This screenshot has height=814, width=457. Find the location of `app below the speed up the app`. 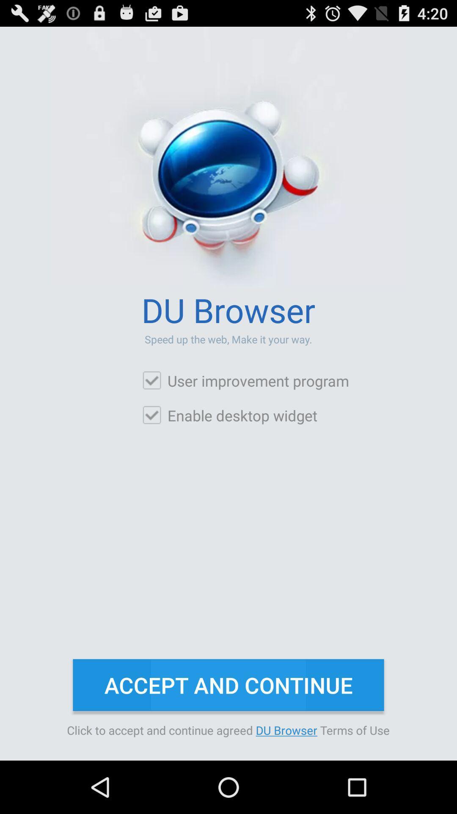

app below the speed up the app is located at coordinates (245, 380).